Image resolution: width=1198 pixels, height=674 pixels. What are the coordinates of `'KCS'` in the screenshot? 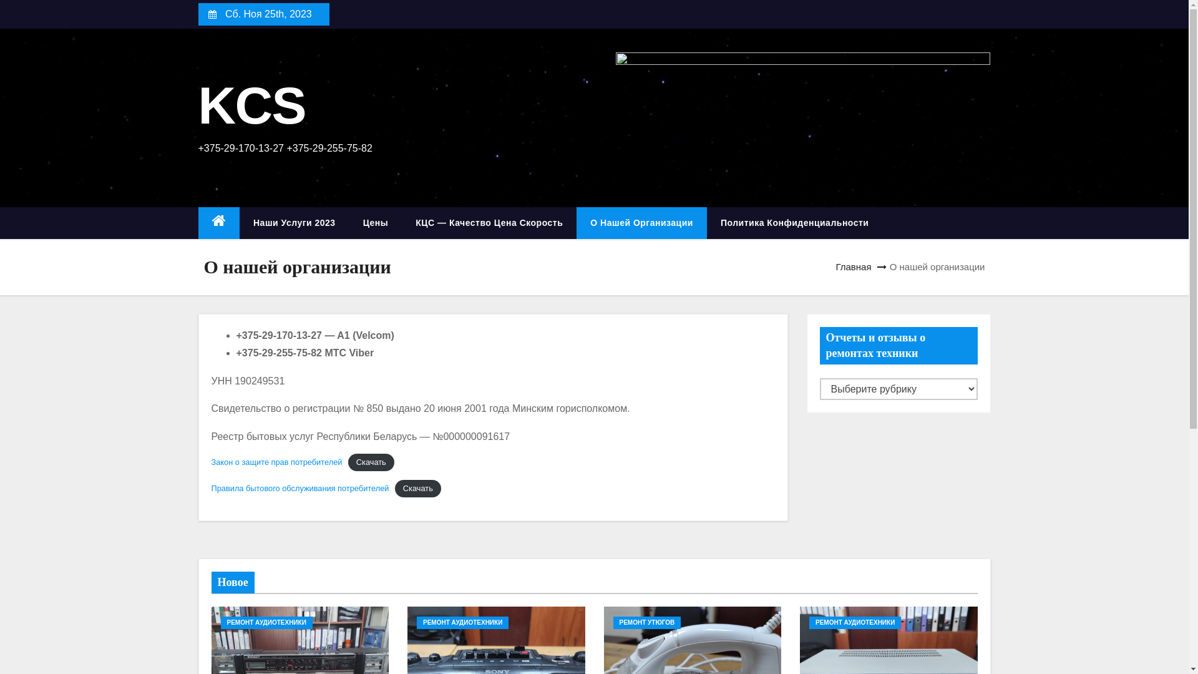 It's located at (251, 105).